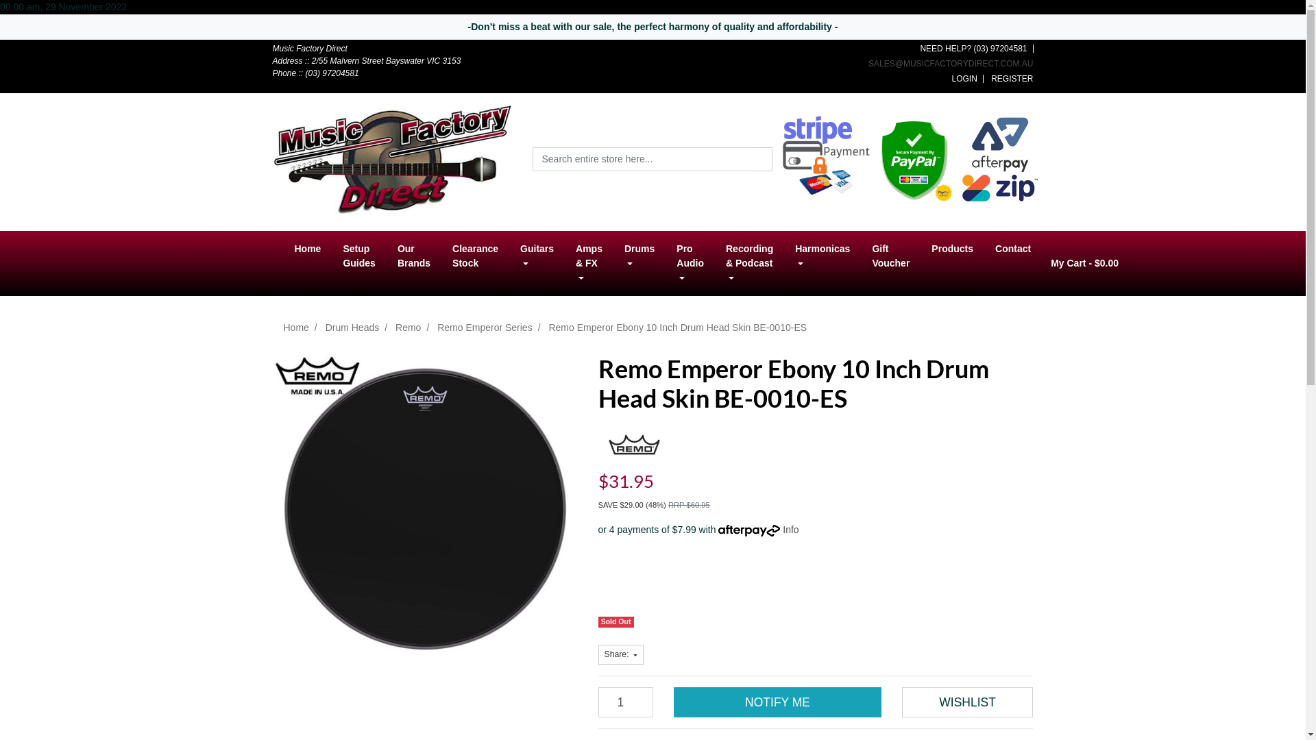  What do you see at coordinates (407, 328) in the screenshot?
I see `'Remo'` at bounding box center [407, 328].